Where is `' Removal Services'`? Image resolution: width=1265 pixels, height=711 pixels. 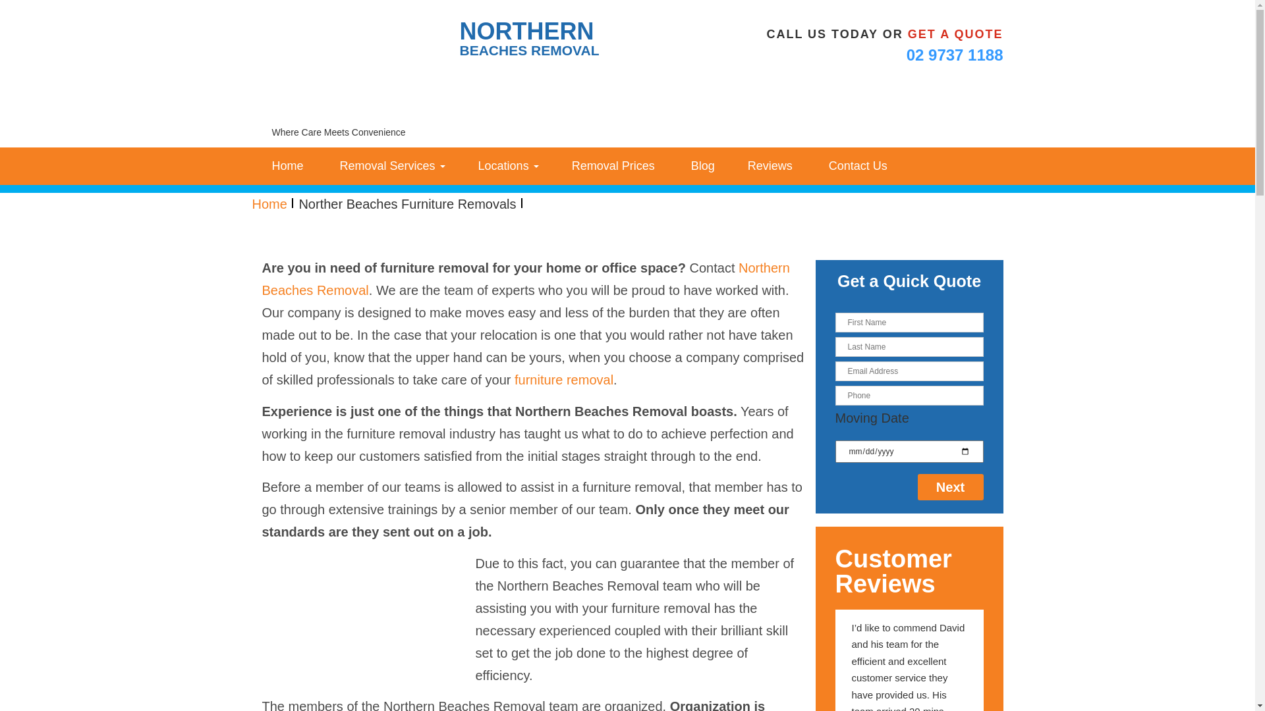
' Removal Services' is located at coordinates (390, 165).